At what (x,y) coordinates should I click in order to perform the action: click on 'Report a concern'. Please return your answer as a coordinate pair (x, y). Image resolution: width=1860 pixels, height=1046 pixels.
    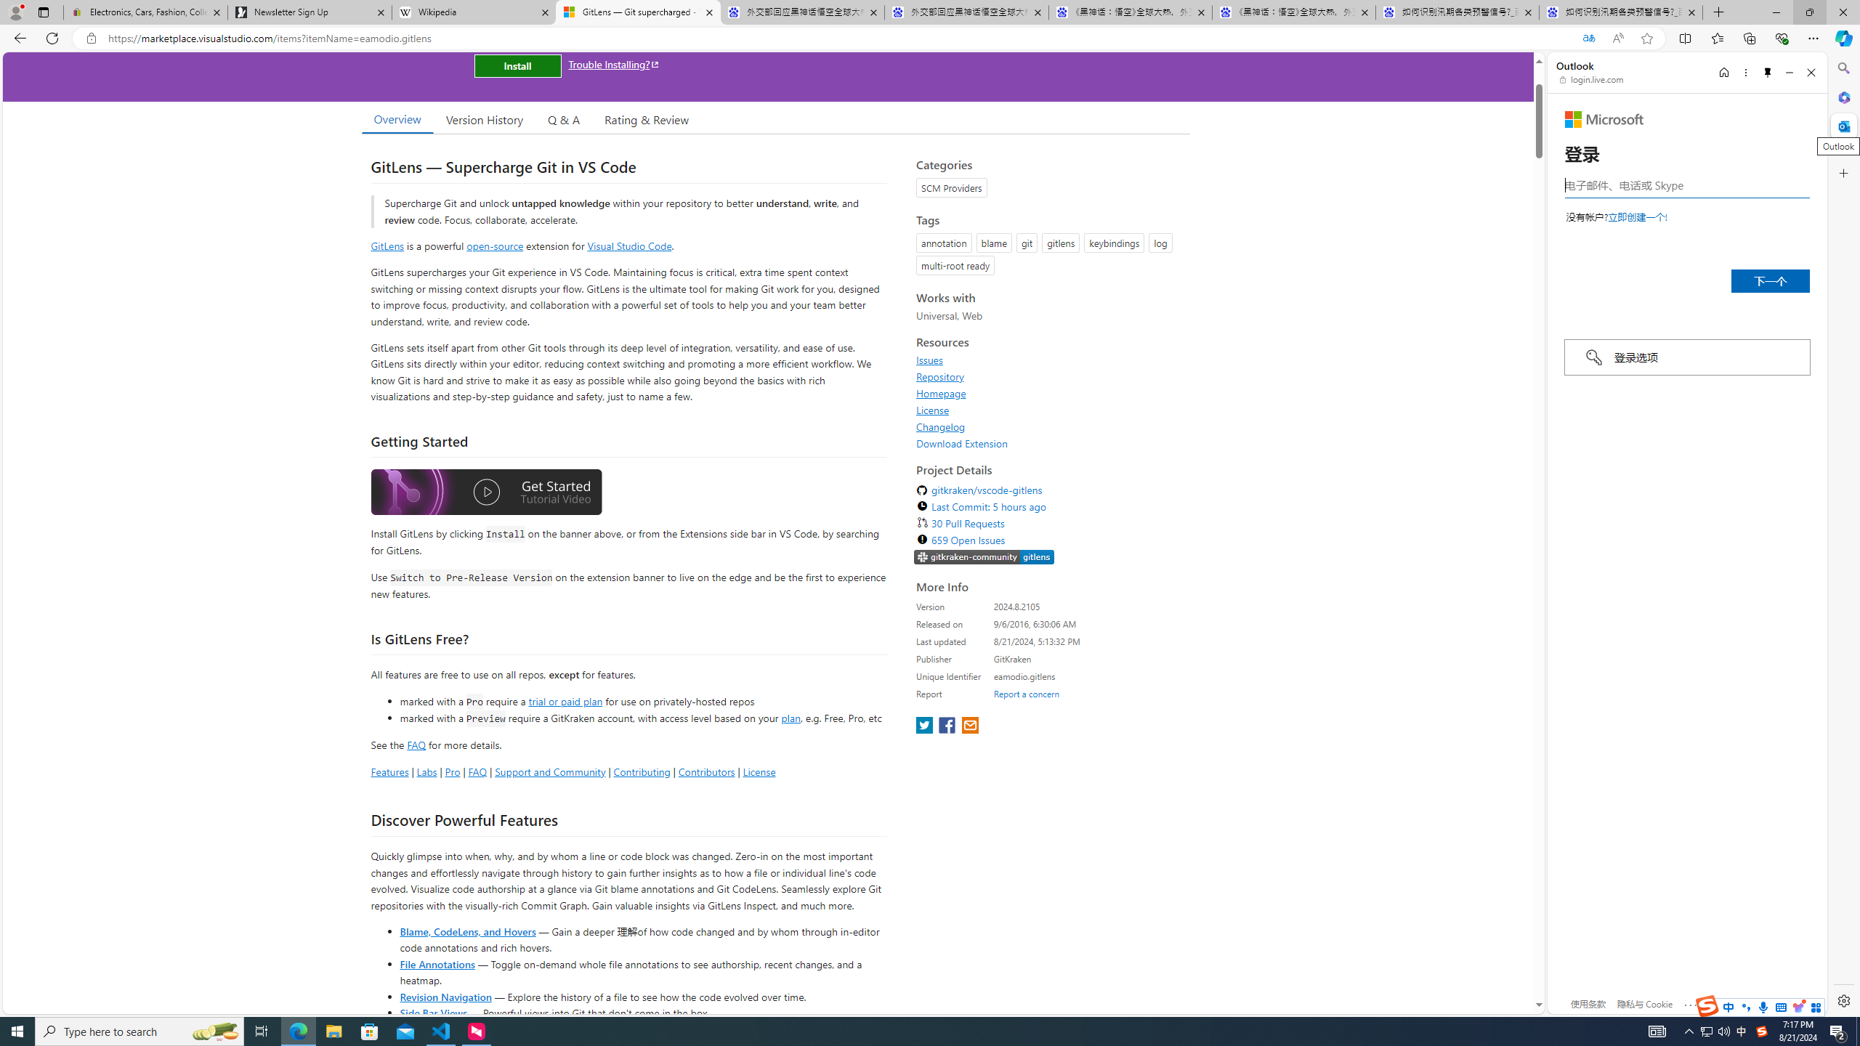
    Looking at the image, I should click on (1027, 693).